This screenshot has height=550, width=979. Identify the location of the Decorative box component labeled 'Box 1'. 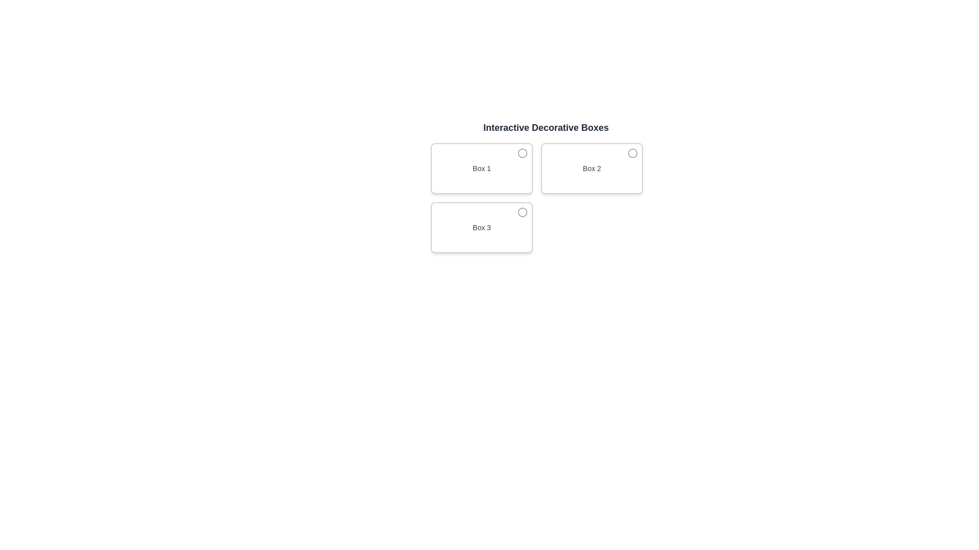
(481, 168).